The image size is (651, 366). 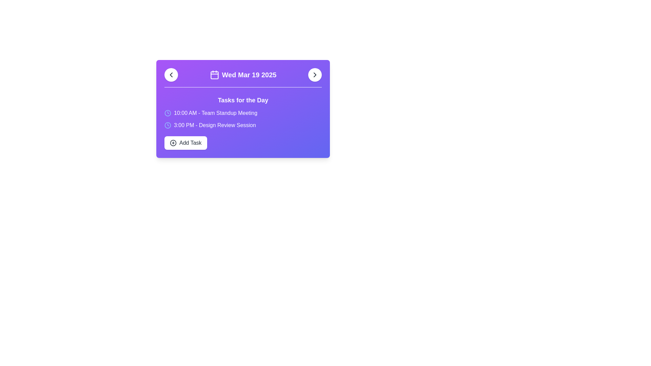 What do you see at coordinates (214, 75) in the screenshot?
I see `the purple calendar icon located in the header bar beside the date 'Wed Mar 19 2025.'` at bounding box center [214, 75].